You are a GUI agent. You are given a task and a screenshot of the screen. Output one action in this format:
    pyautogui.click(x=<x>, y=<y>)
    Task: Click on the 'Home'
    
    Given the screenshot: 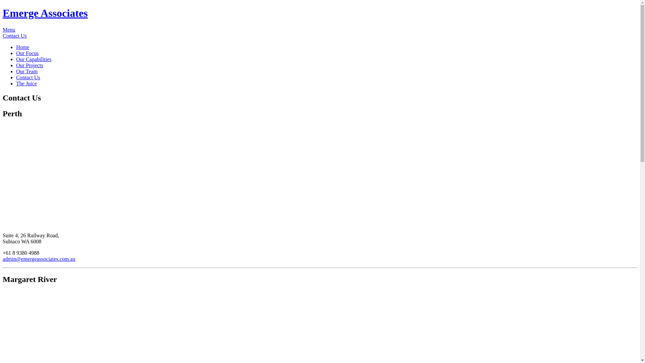 What is the action you would take?
    pyautogui.click(x=23, y=47)
    